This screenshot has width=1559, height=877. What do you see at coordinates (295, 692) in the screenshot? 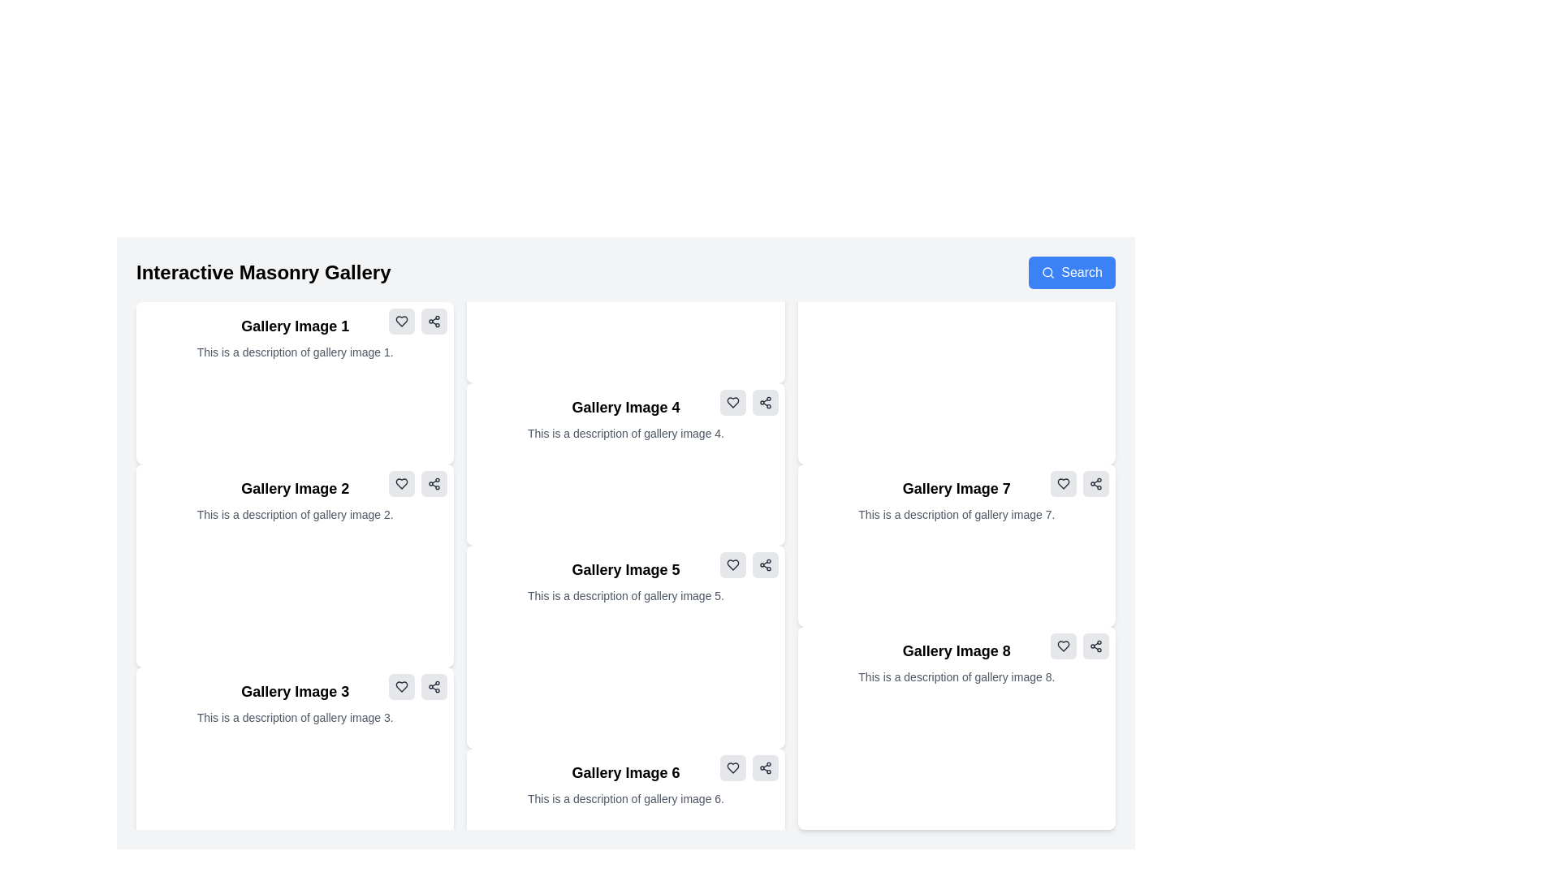
I see `the Text Label that serves as the title for Gallery Image 3, located at the bottom left part of the grid, just above the descriptive text` at bounding box center [295, 692].